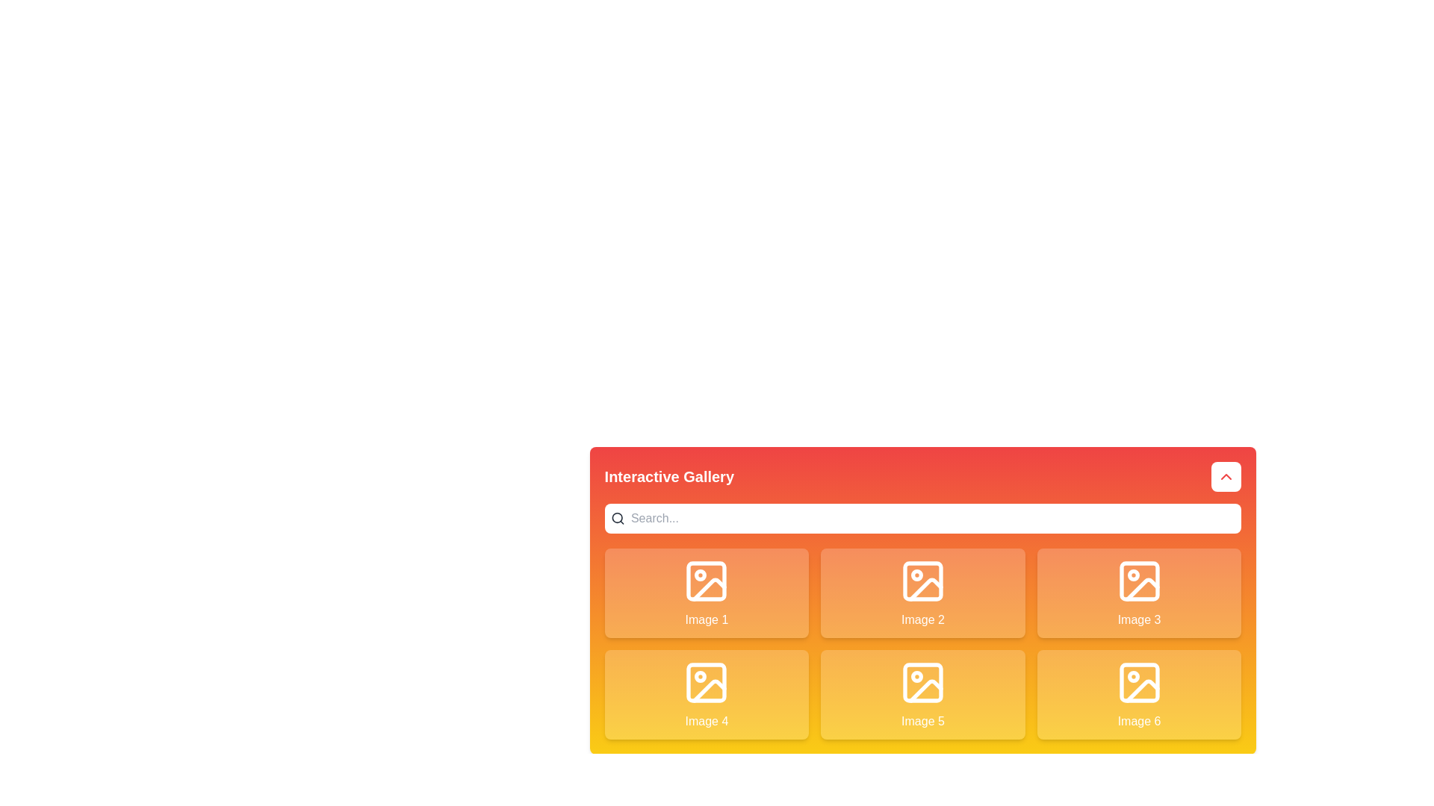 The width and height of the screenshot is (1434, 806). What do you see at coordinates (1138, 682) in the screenshot?
I see `the image preview icon located in the bottom-right cell of the 2x3 grid within the 'Interactive Gallery' section, immediately above 'Image 6' and to the right of 'Image 5'` at bounding box center [1138, 682].